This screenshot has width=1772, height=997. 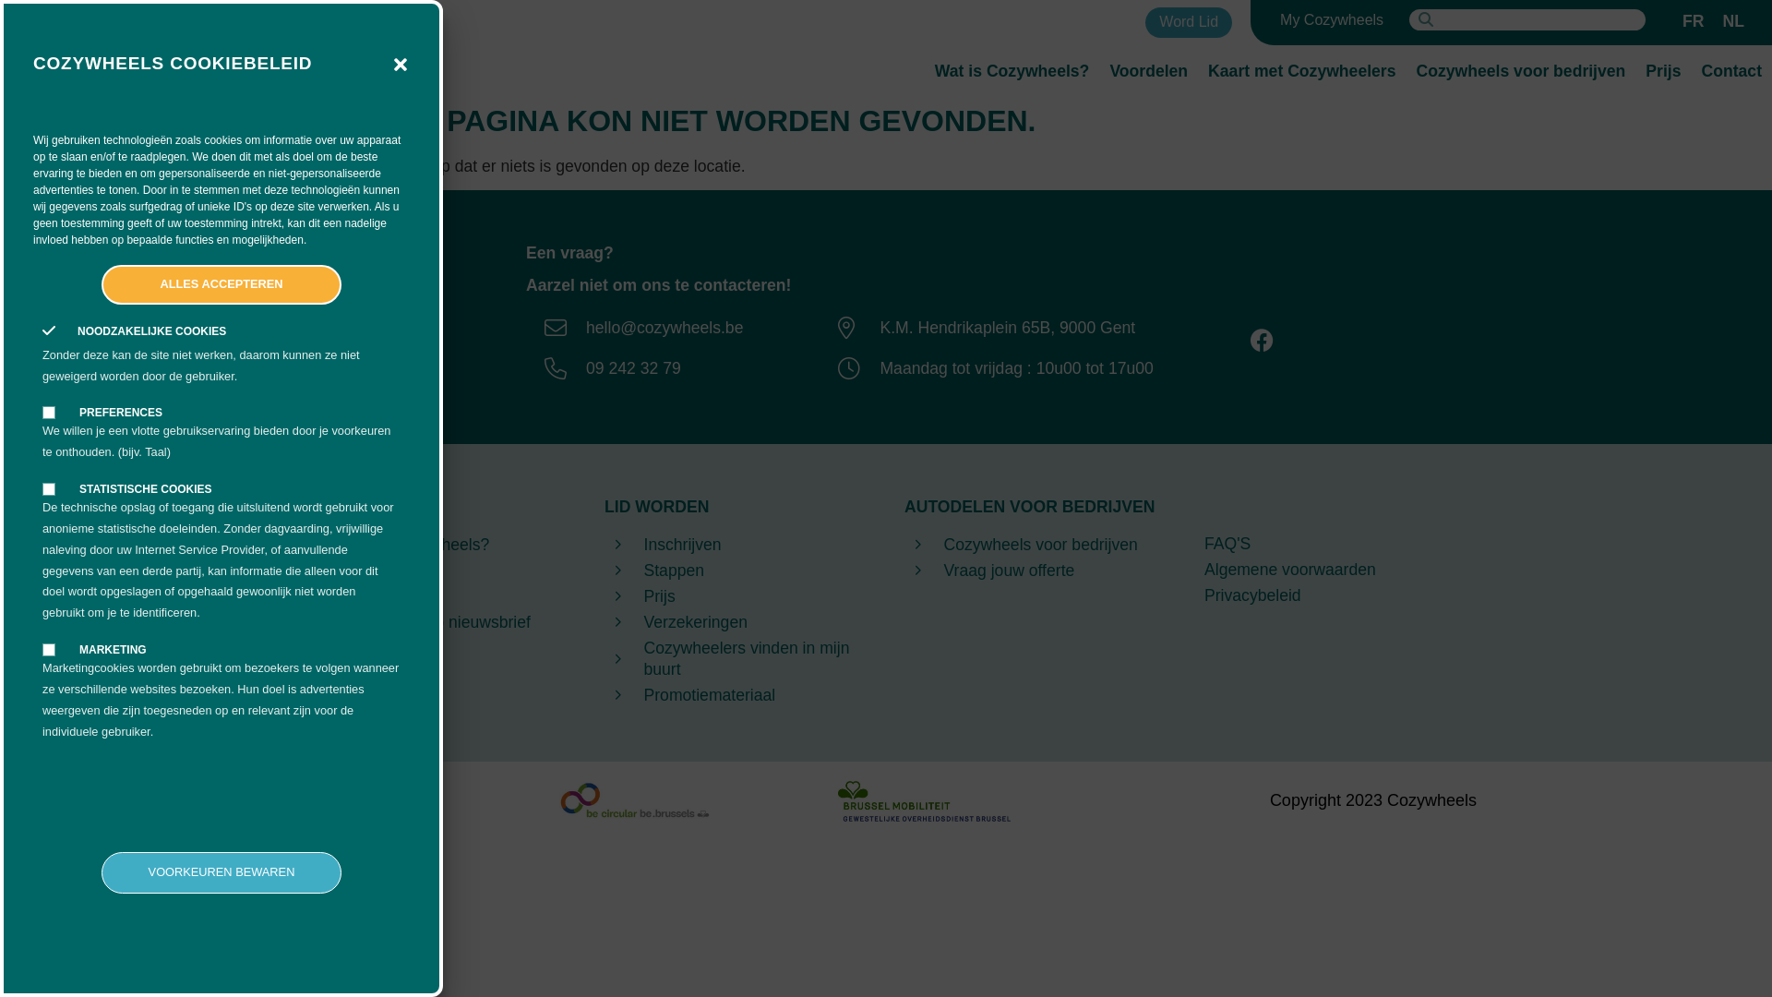 I want to click on 'Voordelen', so click(x=1147, y=70).